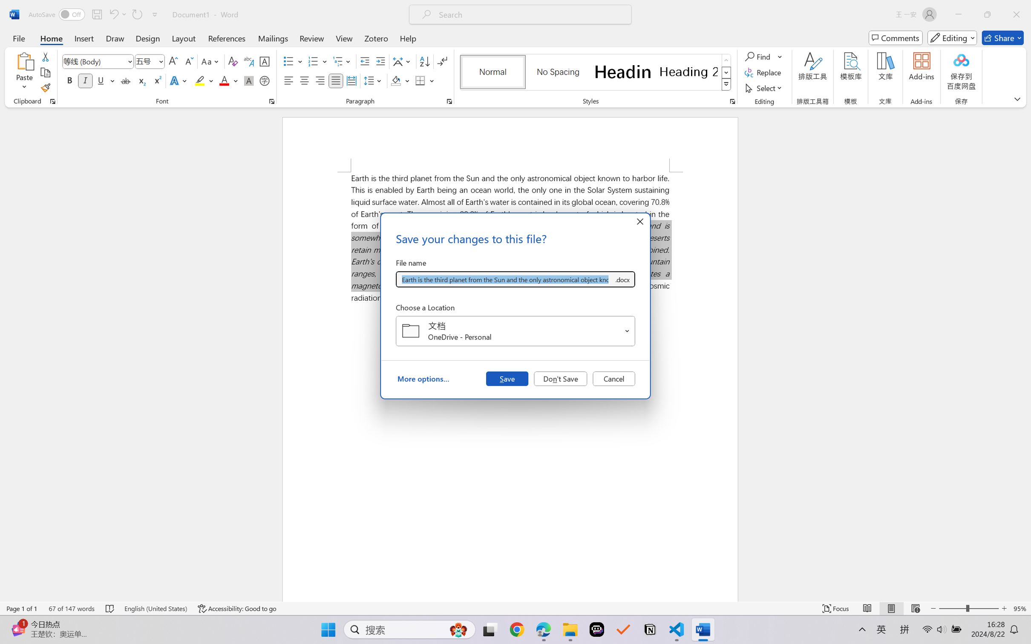  I want to click on 'Copy', so click(45, 72).